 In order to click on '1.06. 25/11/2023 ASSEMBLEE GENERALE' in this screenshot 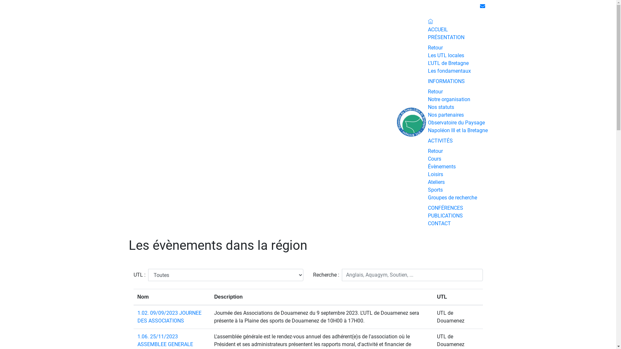, I will do `click(165, 340)`.